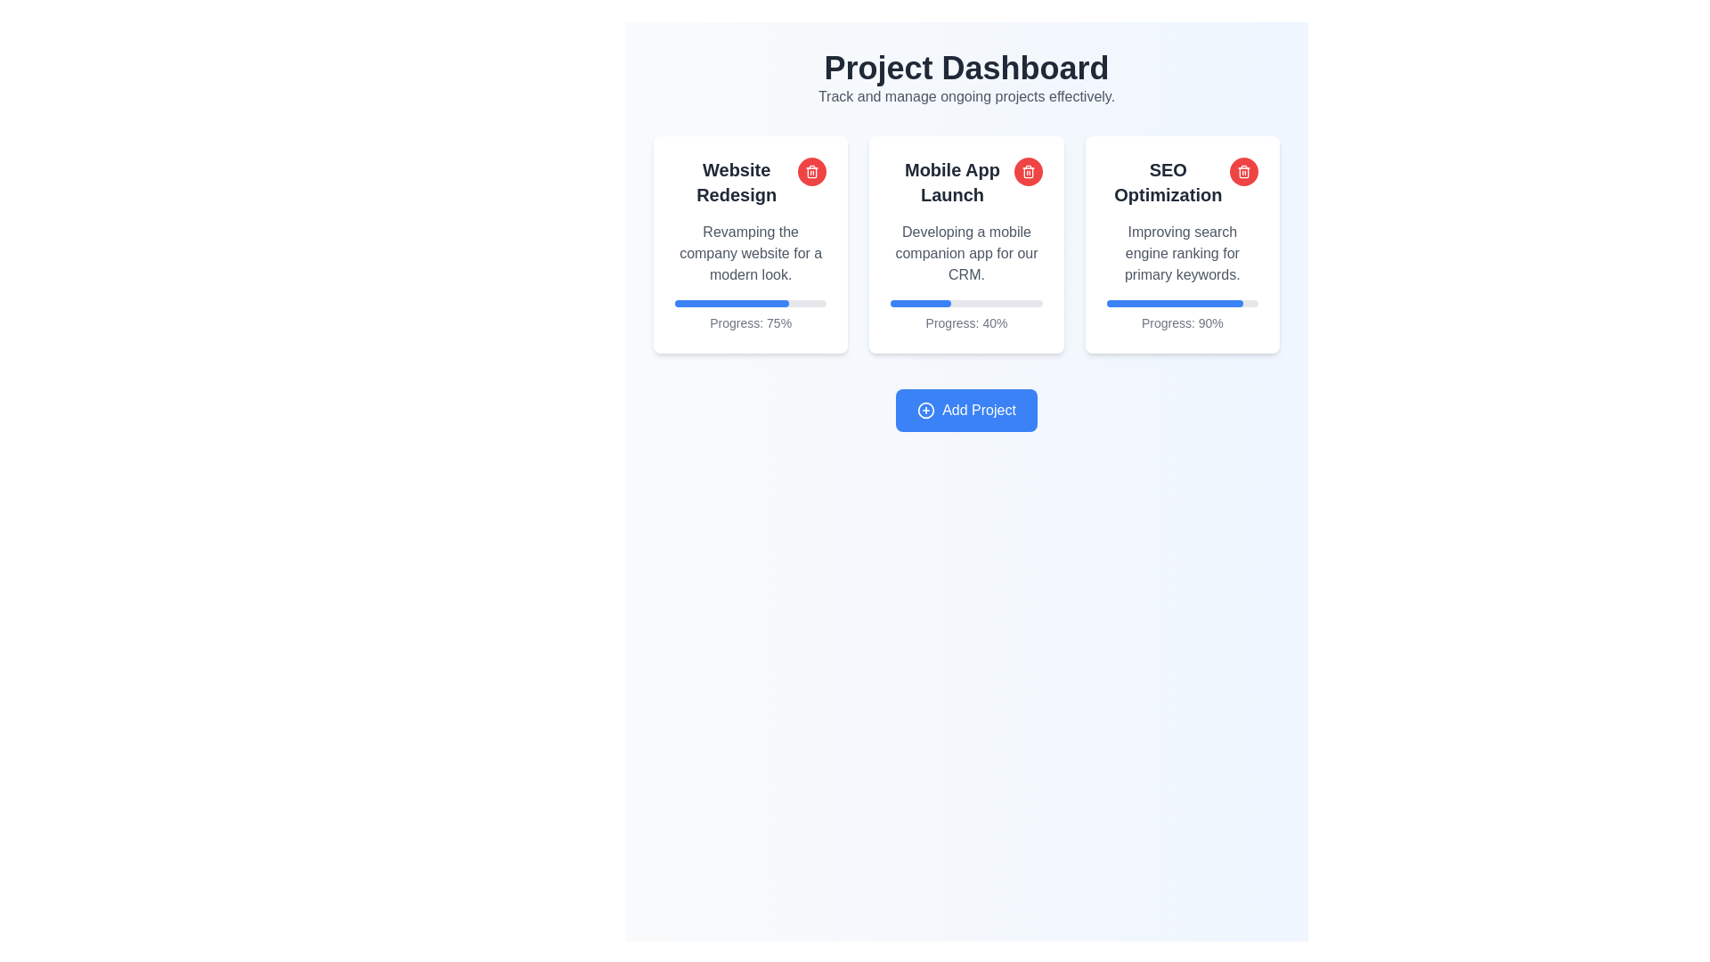 The image size is (1710, 962). I want to click on the 'Project Dashboard' text block, which features a bold title and a description, located at the top of the interface above the project cards, so click(965, 77).